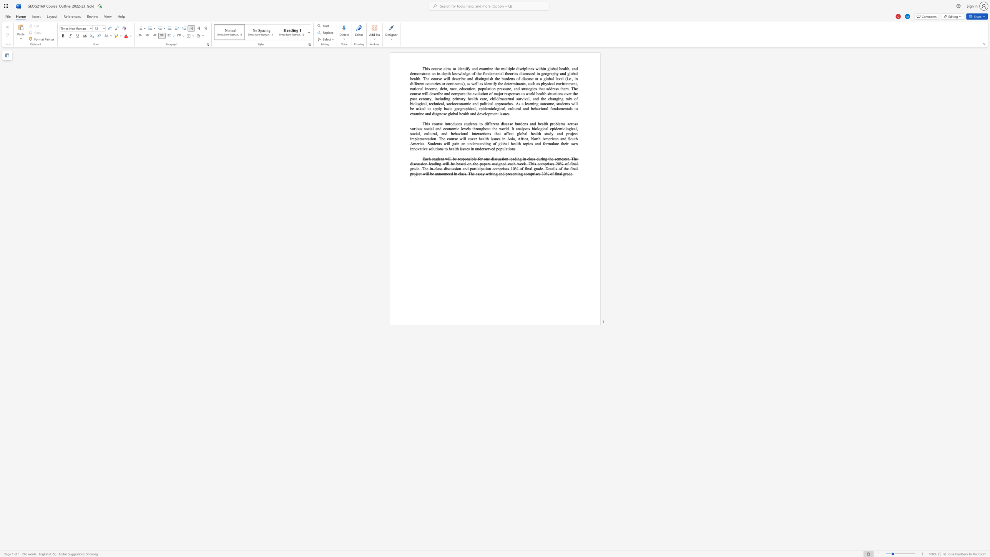 The height and width of the screenshot is (557, 990). What do you see at coordinates (421, 114) in the screenshot?
I see `the 4th character "n" in the text` at bounding box center [421, 114].